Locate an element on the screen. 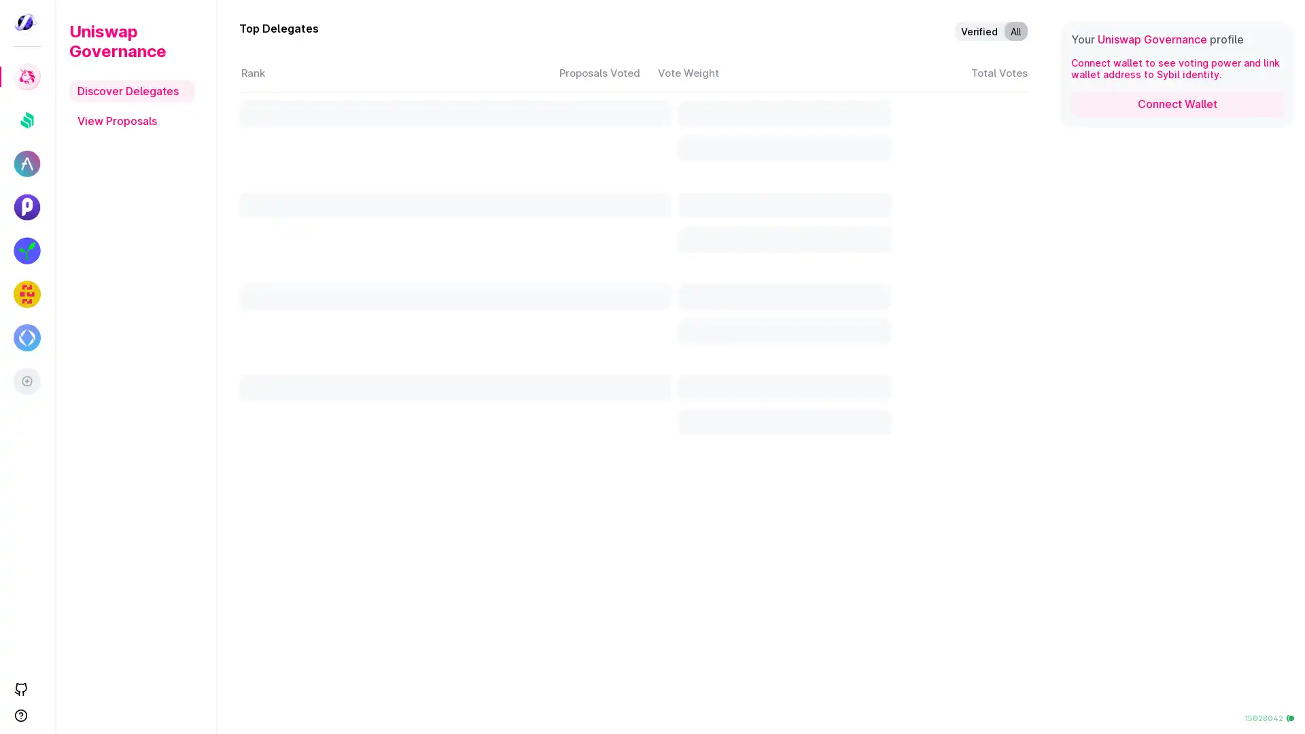 The image size is (1305, 734). Delegate is located at coordinates (901, 338).